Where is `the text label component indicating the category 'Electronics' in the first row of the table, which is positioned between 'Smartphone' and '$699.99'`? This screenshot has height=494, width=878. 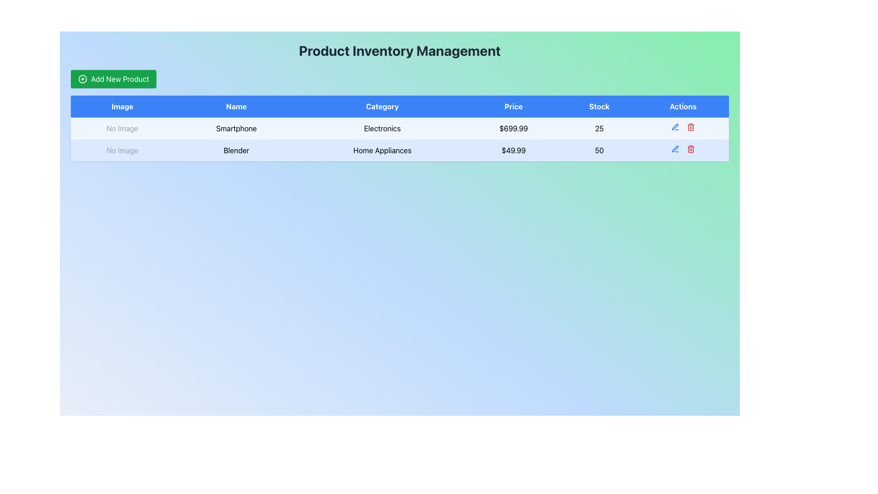
the text label component indicating the category 'Electronics' in the first row of the table, which is positioned between 'Smartphone' and '$699.99' is located at coordinates (382, 129).